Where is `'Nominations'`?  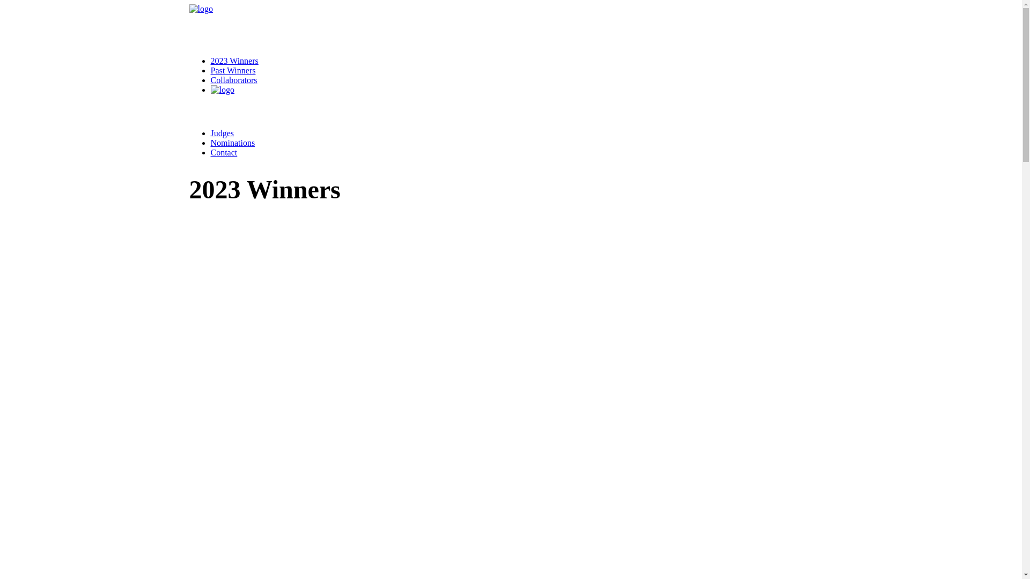 'Nominations' is located at coordinates (210, 142).